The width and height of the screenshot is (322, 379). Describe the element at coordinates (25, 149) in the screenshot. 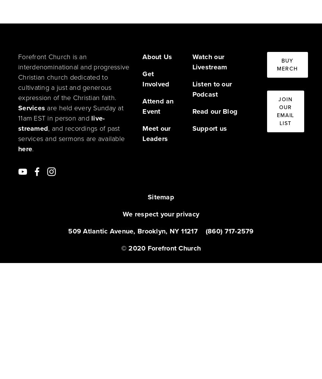

I see `'here'` at that location.